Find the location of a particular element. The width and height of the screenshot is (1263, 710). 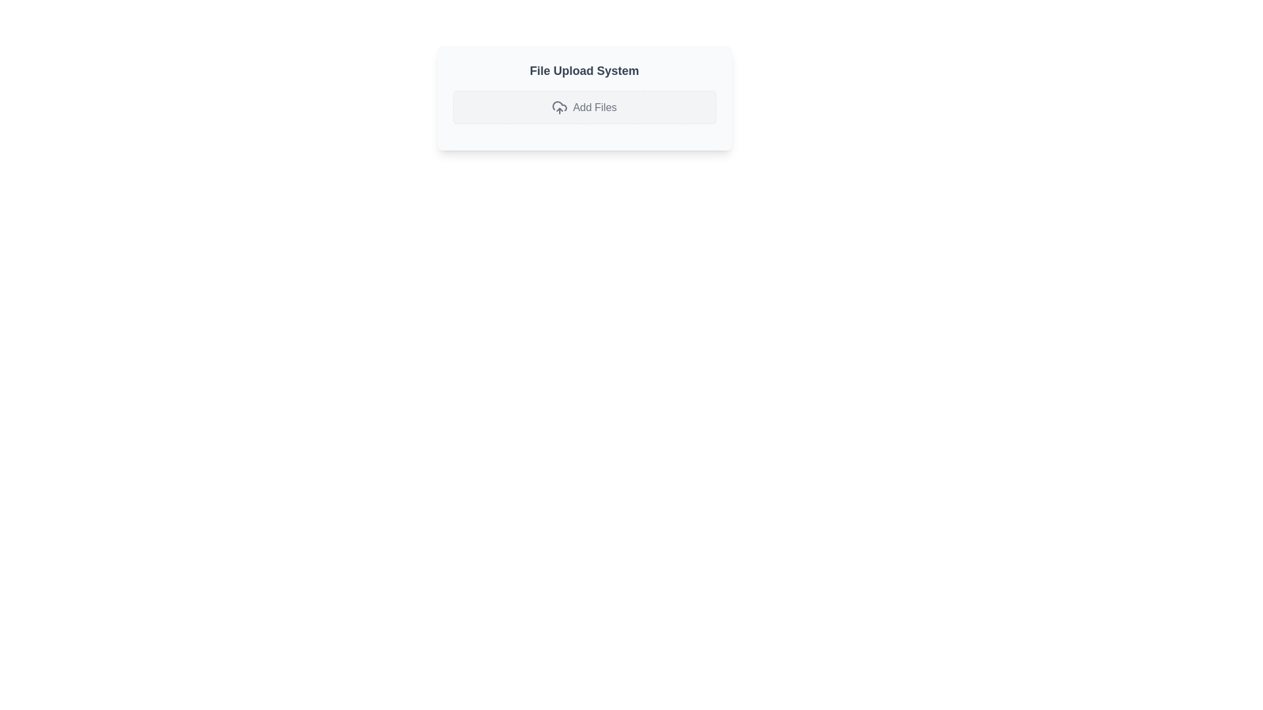

the file upload button located below the 'File Upload System' heading to observe the hover effect is located at coordinates (583, 106).